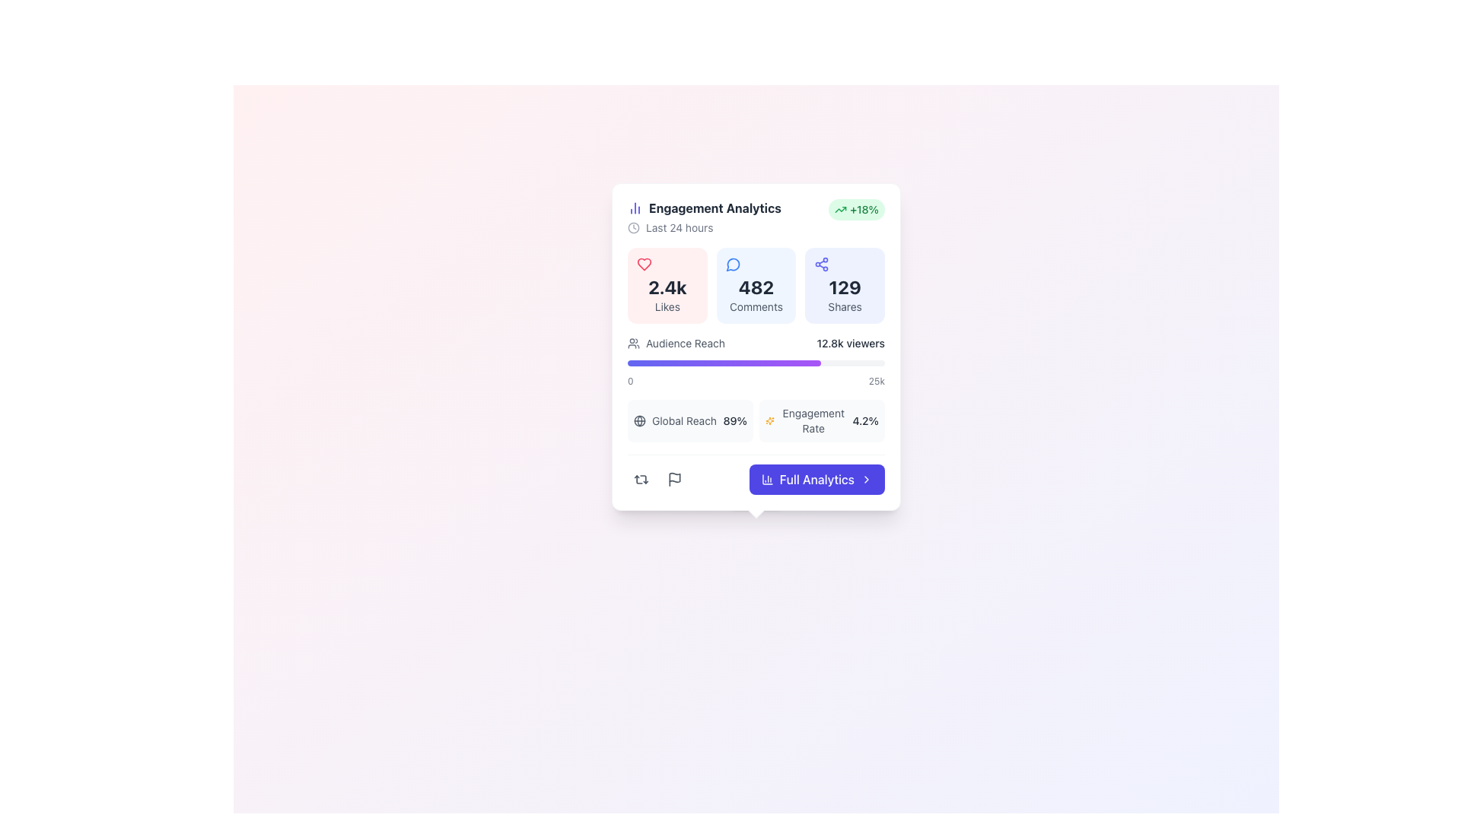 The image size is (1461, 821). What do you see at coordinates (844, 285) in the screenshot?
I see `the Informational statistic block displaying the count '129', which is located in the rightmost column of the 'Engagement Analytics' card, below the '482 Comments' block` at bounding box center [844, 285].